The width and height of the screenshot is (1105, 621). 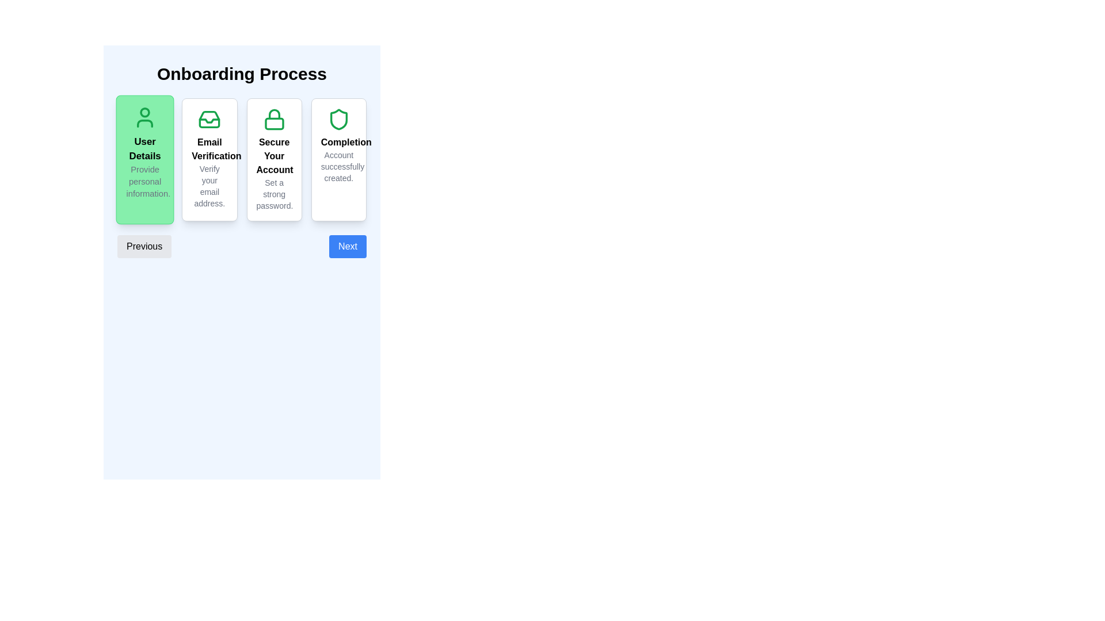 What do you see at coordinates (273, 120) in the screenshot?
I see `the green lock icon located at the top center of the third card labeled 'Secure Your Account', which features a rounded padlock shape and is styled with SVG details` at bounding box center [273, 120].